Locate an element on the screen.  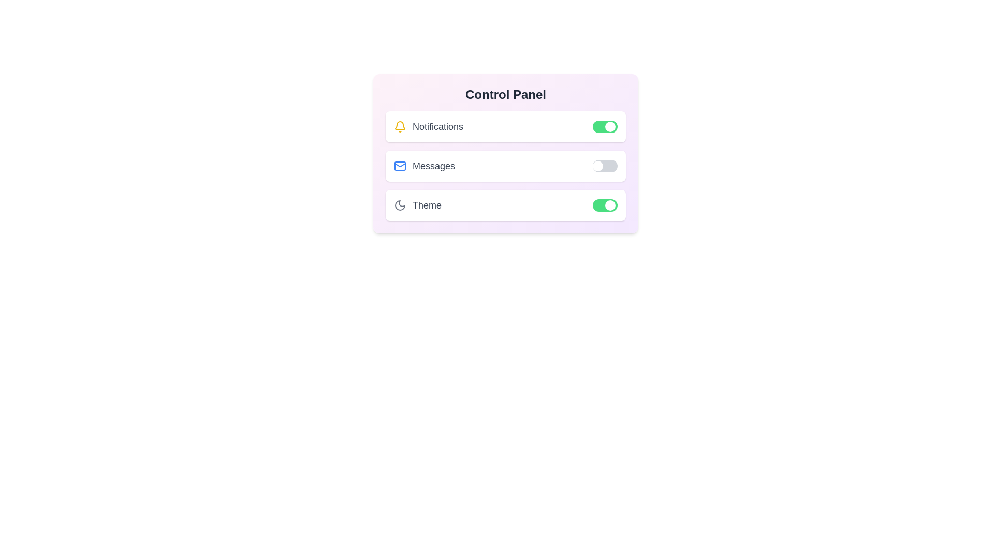
the interactive setting toggle switch for the messaging feature located in the Control Panel is located at coordinates (506, 165).